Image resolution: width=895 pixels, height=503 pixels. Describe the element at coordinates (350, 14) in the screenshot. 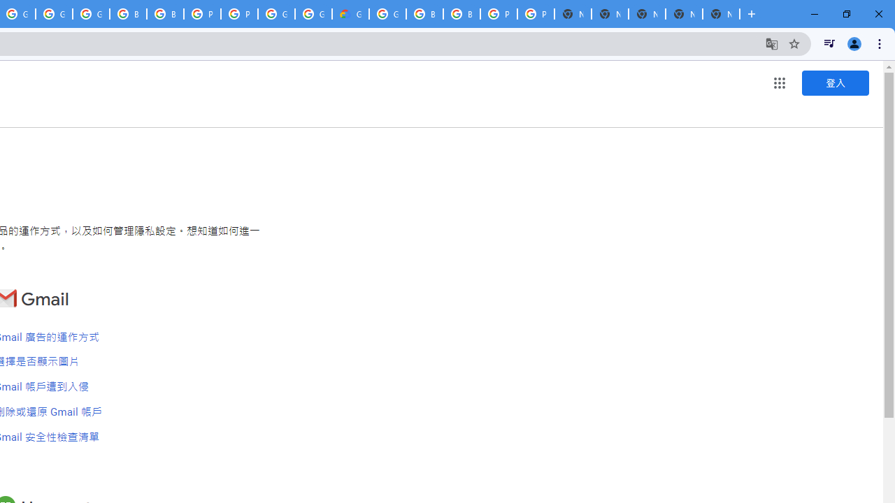

I see `'Google Cloud Estimate Summary'` at that location.